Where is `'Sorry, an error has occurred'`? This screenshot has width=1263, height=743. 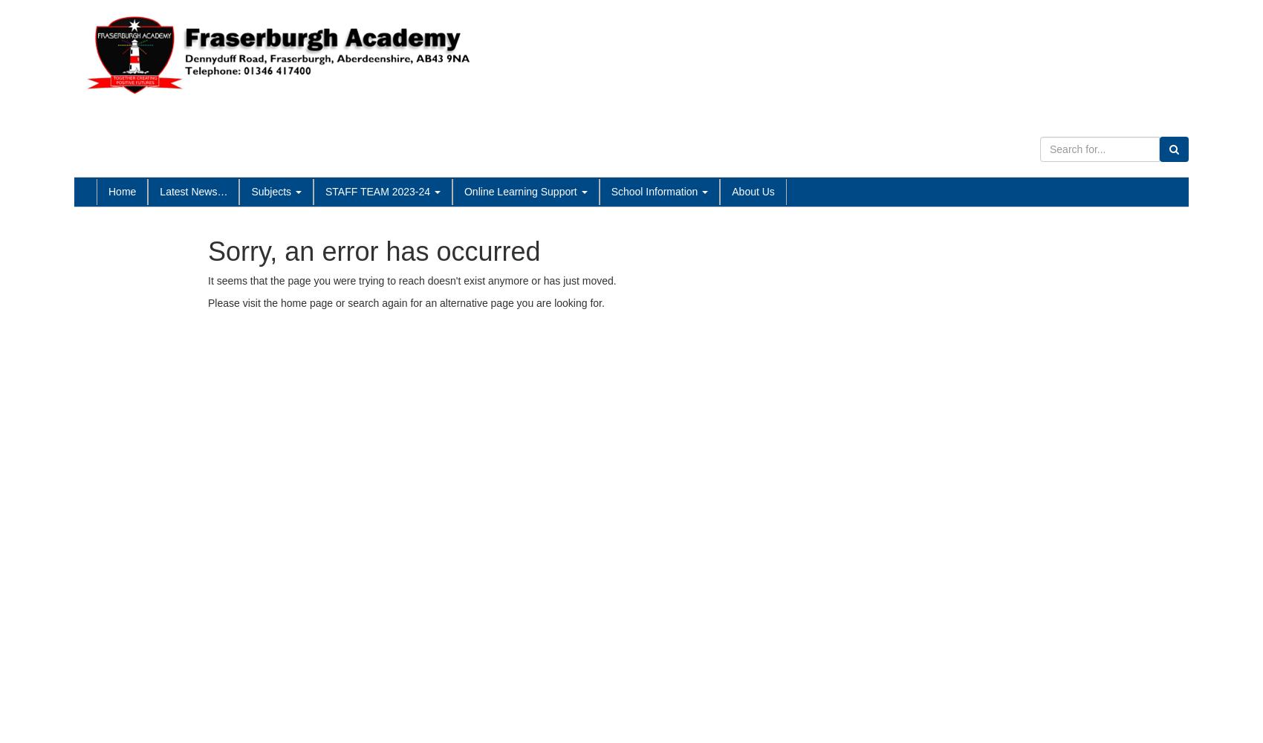 'Sorry, an error has occurred' is located at coordinates (374, 250).